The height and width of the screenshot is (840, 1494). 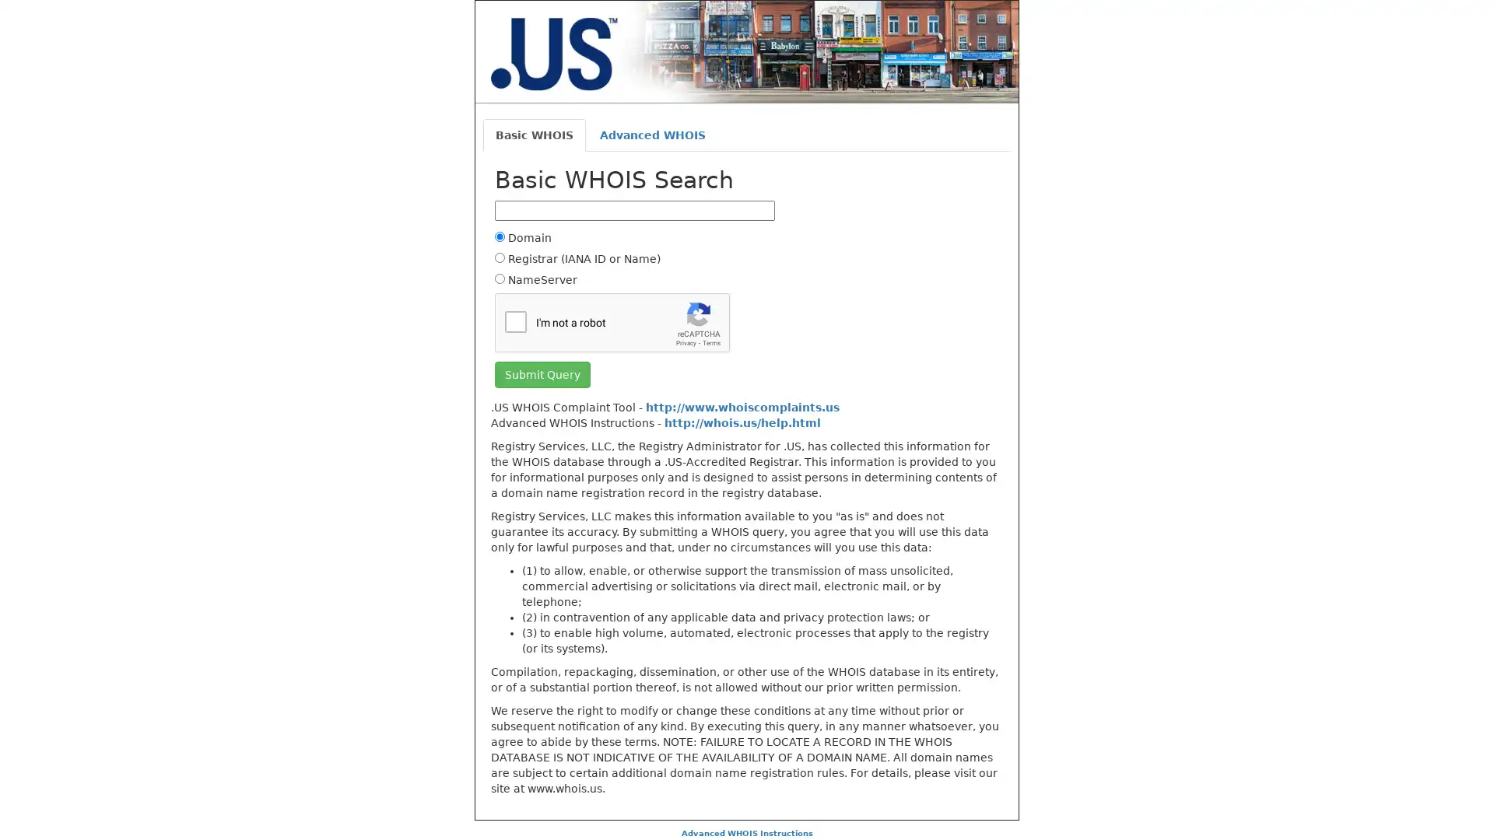 What do you see at coordinates (542, 374) in the screenshot?
I see `Submit Query` at bounding box center [542, 374].